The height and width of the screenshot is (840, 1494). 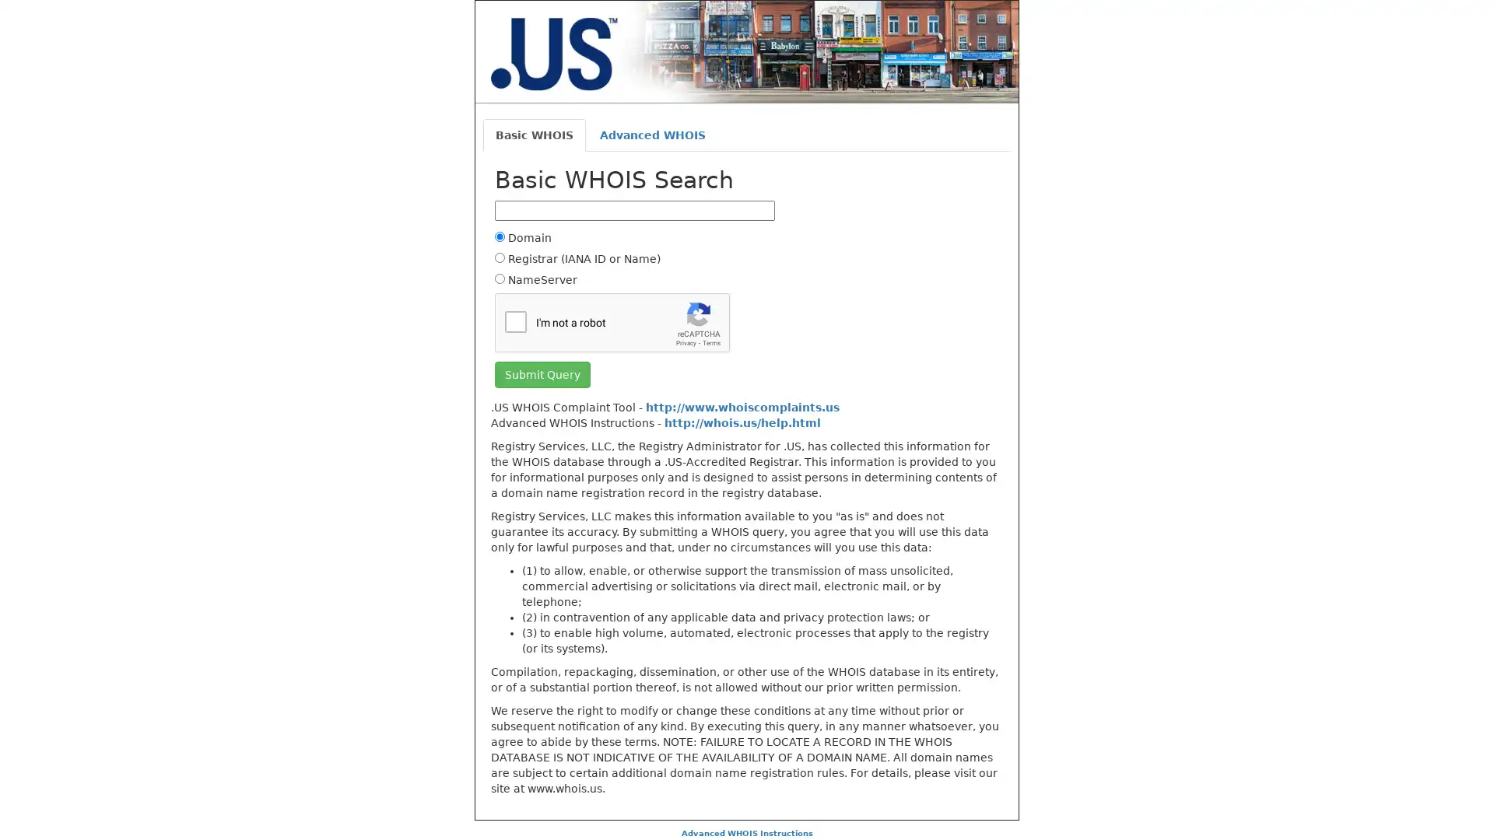 What do you see at coordinates (542, 374) in the screenshot?
I see `Submit Query` at bounding box center [542, 374].